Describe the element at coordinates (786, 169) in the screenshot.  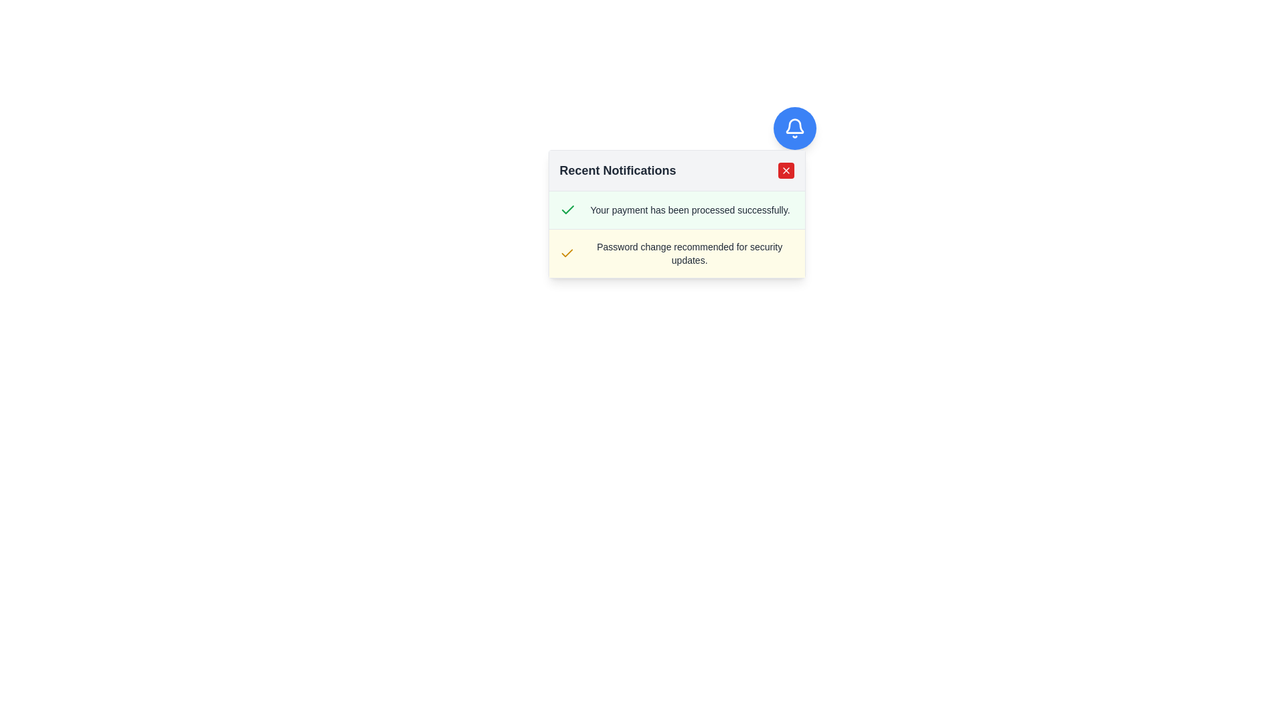
I see `the close button located in the top-right corner of the 'Recent Notifications' header section` at that location.